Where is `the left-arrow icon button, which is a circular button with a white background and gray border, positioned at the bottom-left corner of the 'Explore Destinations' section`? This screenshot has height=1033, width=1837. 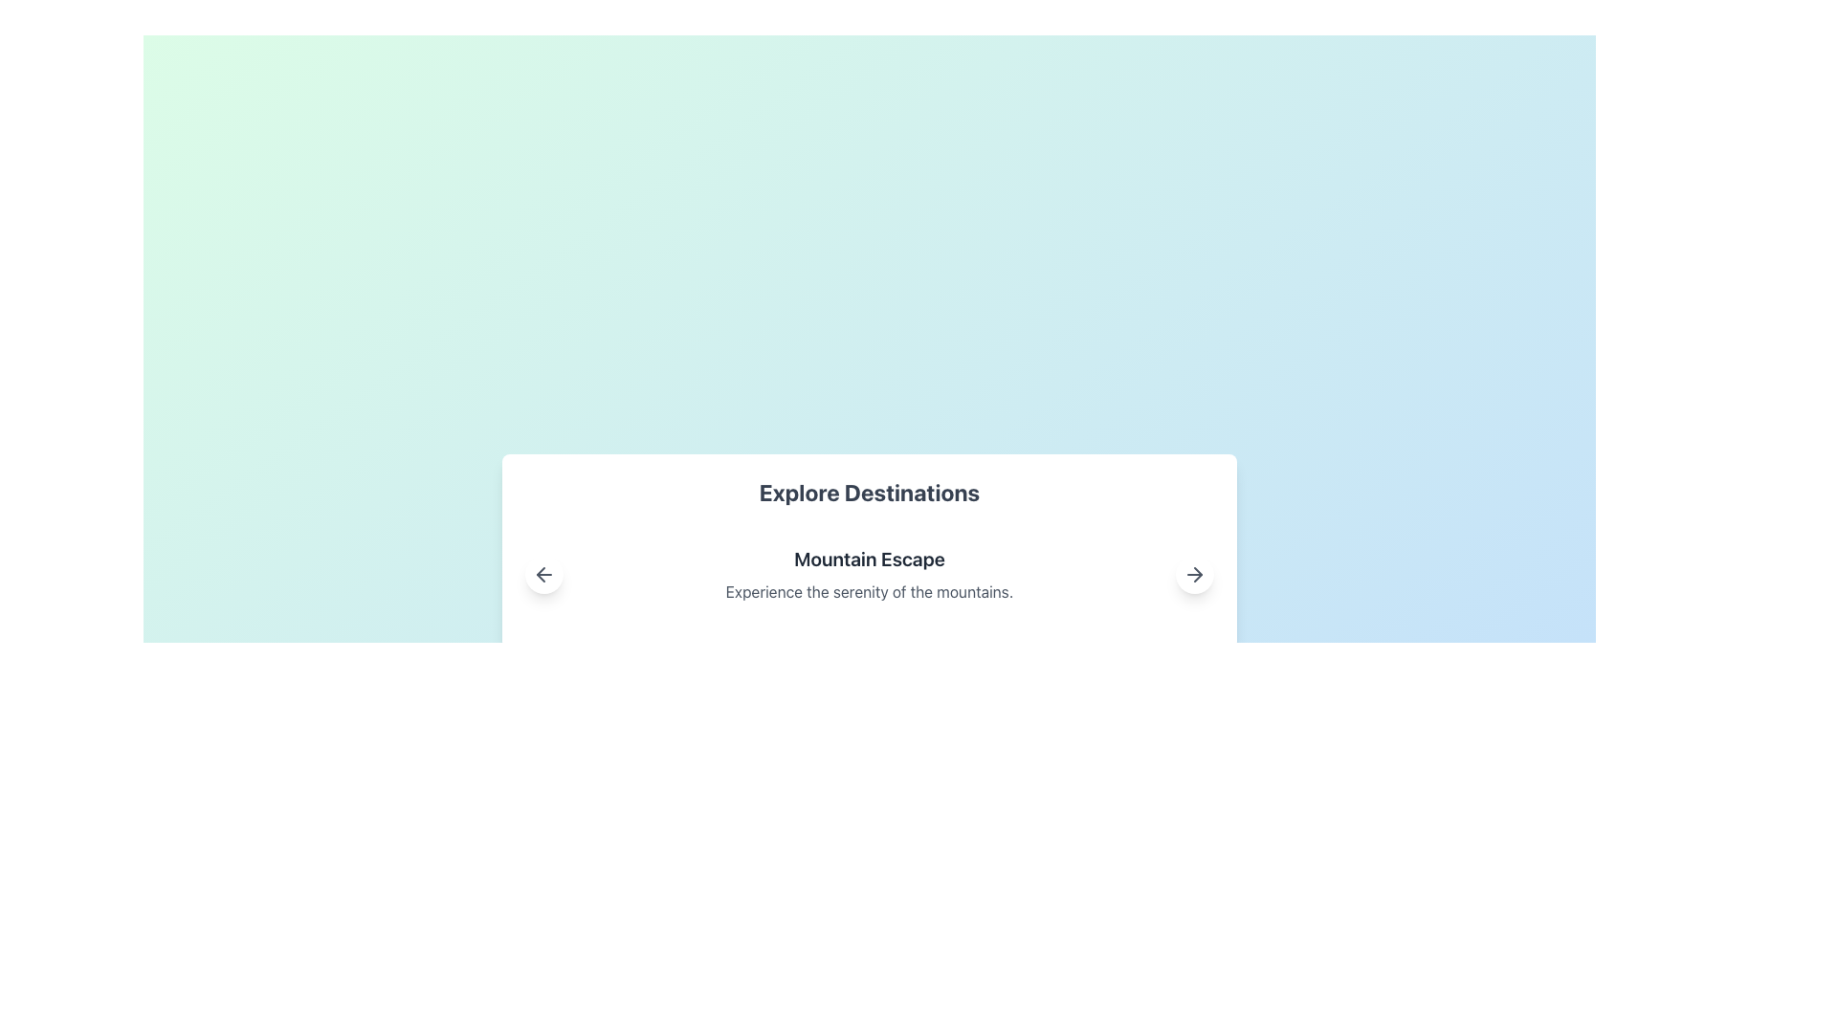 the left-arrow icon button, which is a circular button with a white background and gray border, positioned at the bottom-left corner of the 'Explore Destinations' section is located at coordinates (543, 574).